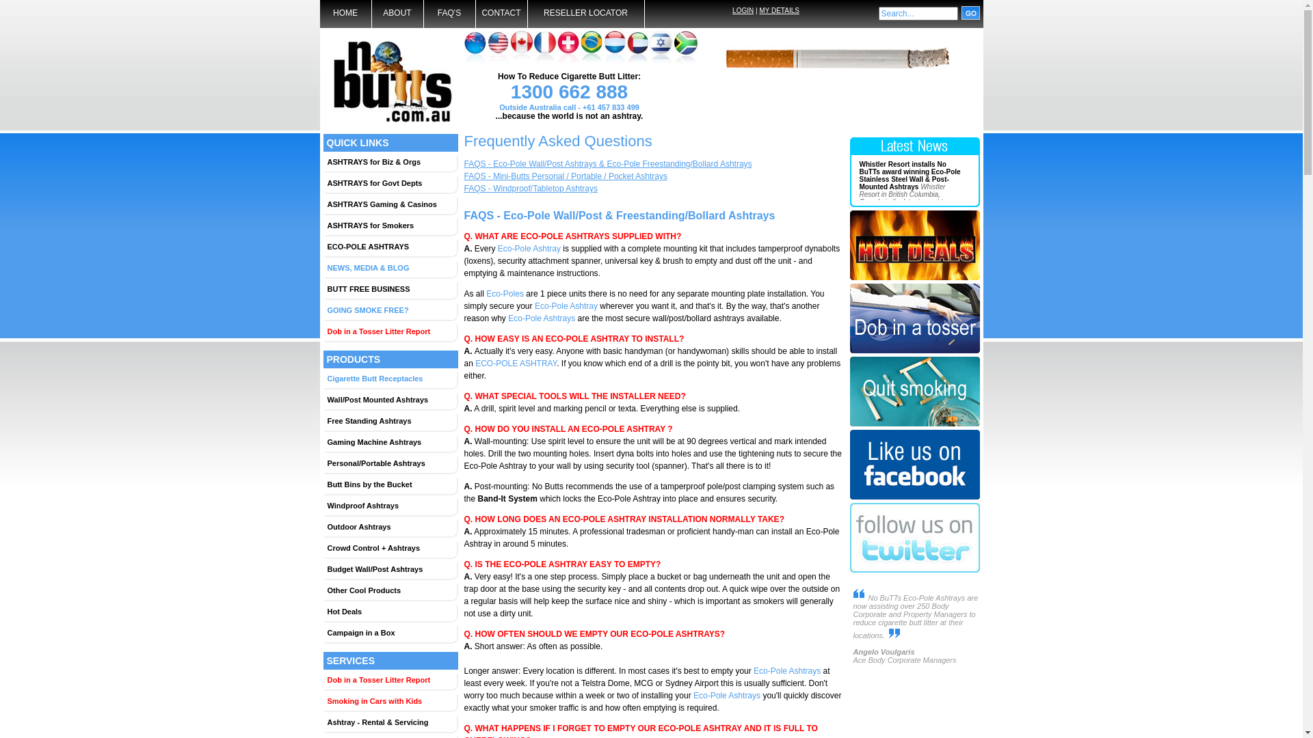  Describe the element at coordinates (970, 13) in the screenshot. I see `'Go'` at that location.